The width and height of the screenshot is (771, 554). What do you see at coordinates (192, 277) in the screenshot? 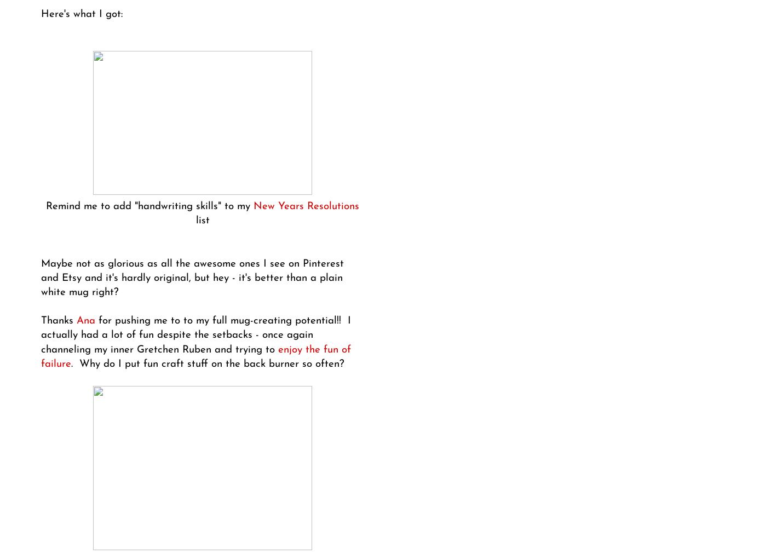
I see `'Maybe not as glorious as all the awesome ones I see on Pinterest and Etsy and it's hardly original, but hey - it's better than a plain white mug right?'` at bounding box center [192, 277].